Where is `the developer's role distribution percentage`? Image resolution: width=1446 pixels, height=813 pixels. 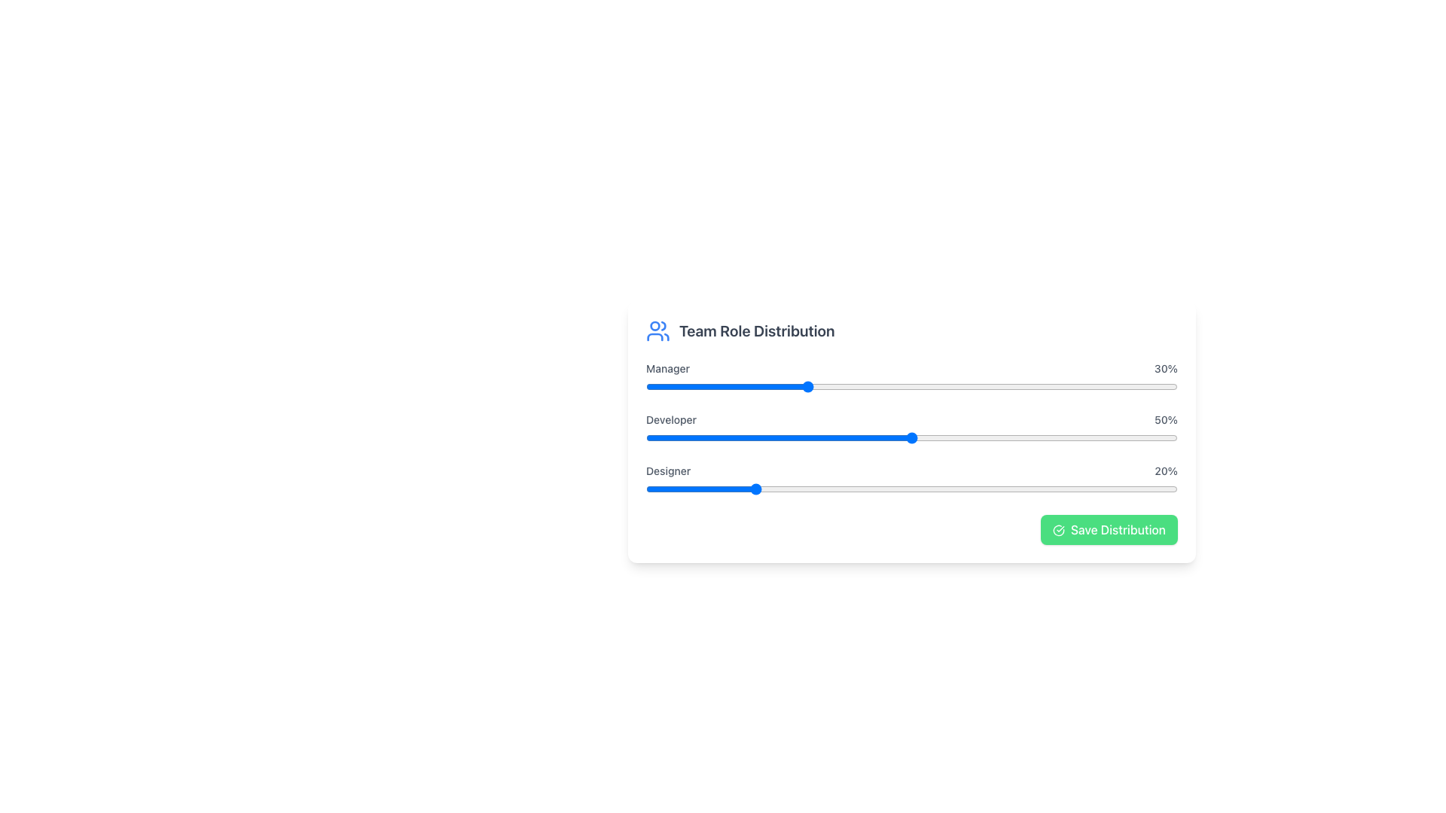 the developer's role distribution percentage is located at coordinates (737, 438).